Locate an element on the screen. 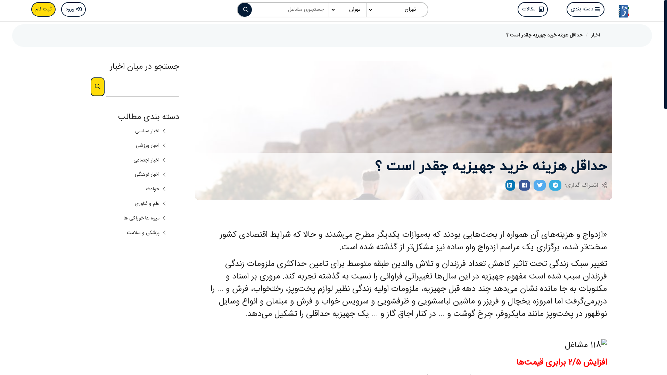 Image resolution: width=667 pixels, height=375 pixels. 'Share on Twitter' is located at coordinates (539, 185).